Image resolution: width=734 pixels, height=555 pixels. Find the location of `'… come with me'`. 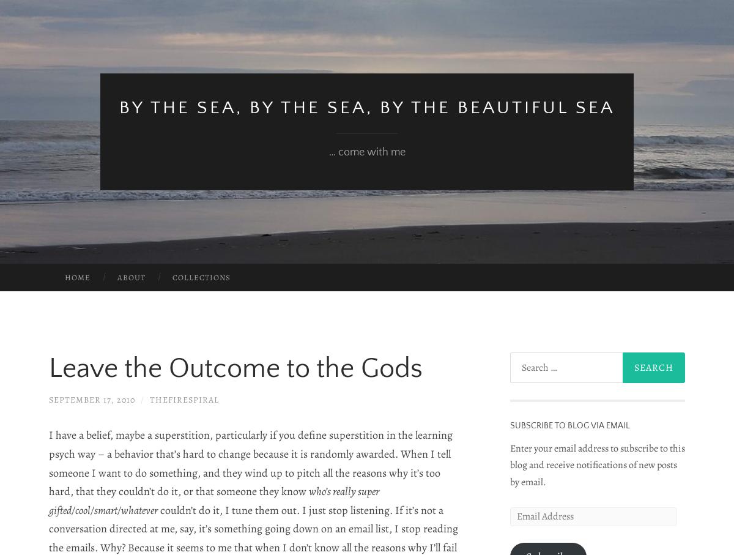

'… come with me' is located at coordinates (366, 151).